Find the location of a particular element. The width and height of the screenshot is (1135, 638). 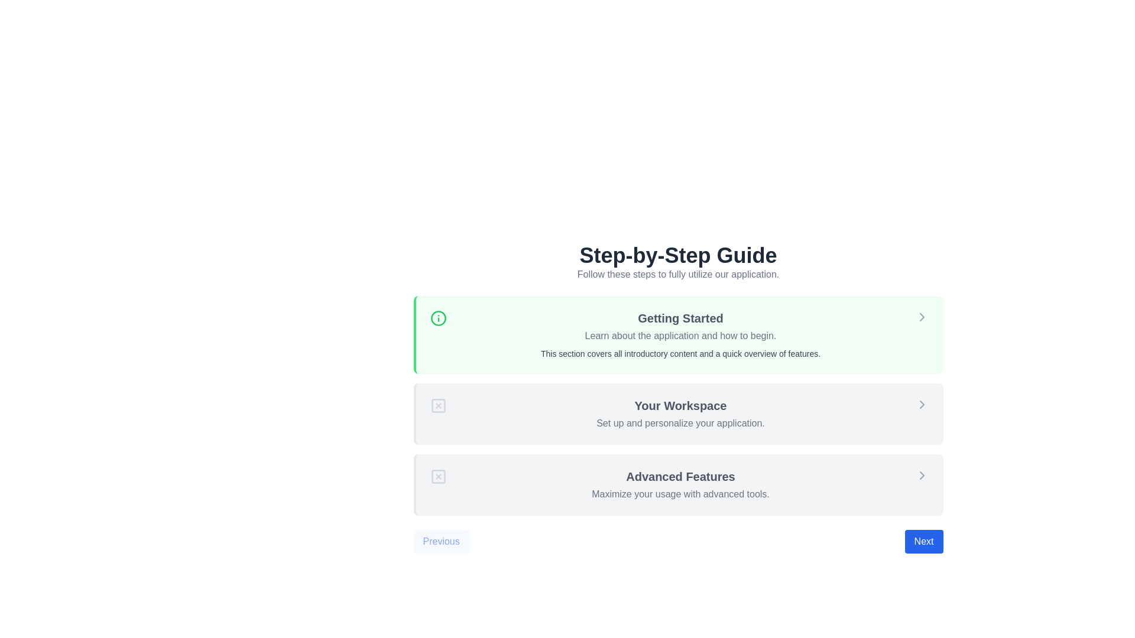

the square icon with an 'X' shape inside, located to the far left of the 'Advanced Features' section is located at coordinates (437, 476).